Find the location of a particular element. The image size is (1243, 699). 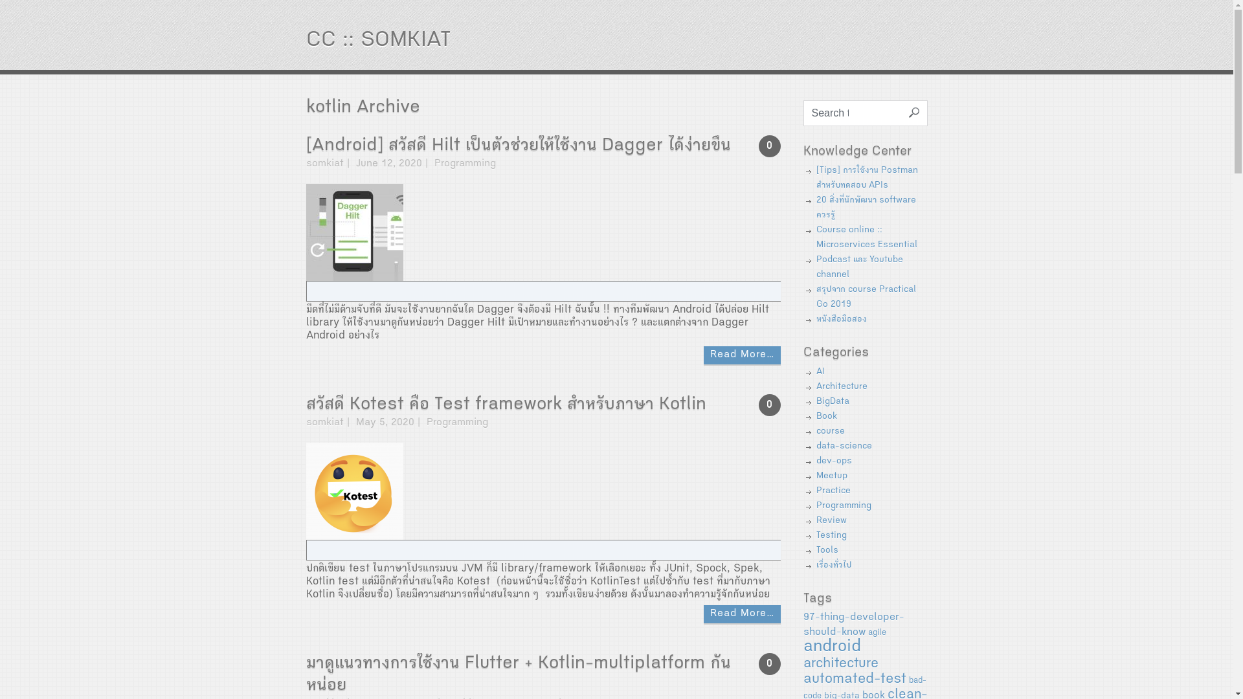

'automated-test' is located at coordinates (854, 679).